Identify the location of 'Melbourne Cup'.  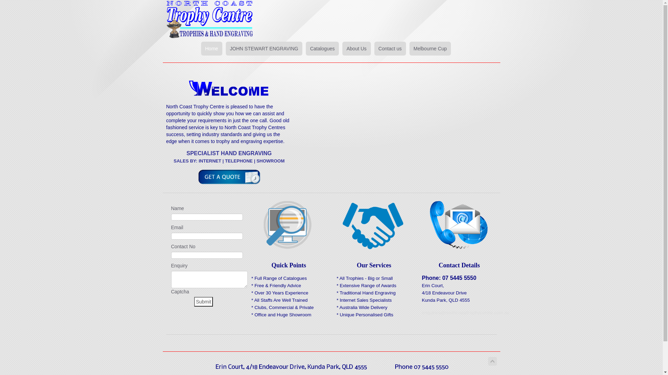
(430, 48).